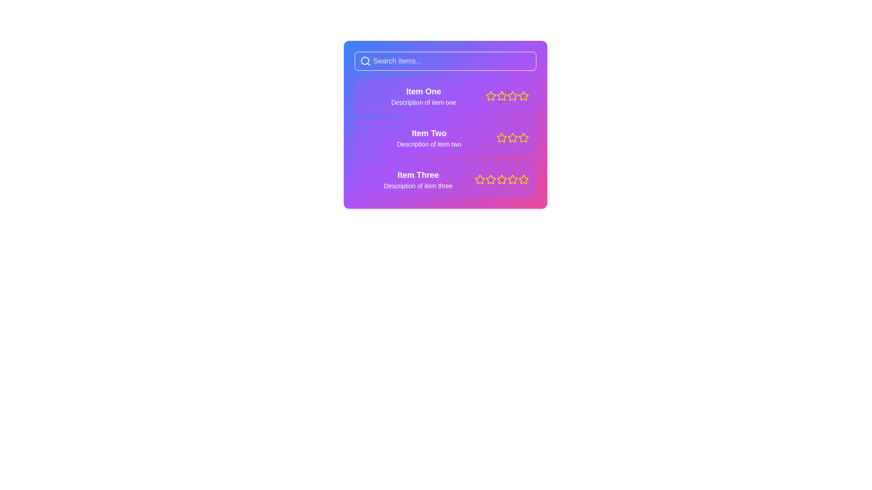  I want to click on the magnifying glass icon, which represents the search functionality and is located at the left side of the search bar at the top of the interface, so click(366, 61).